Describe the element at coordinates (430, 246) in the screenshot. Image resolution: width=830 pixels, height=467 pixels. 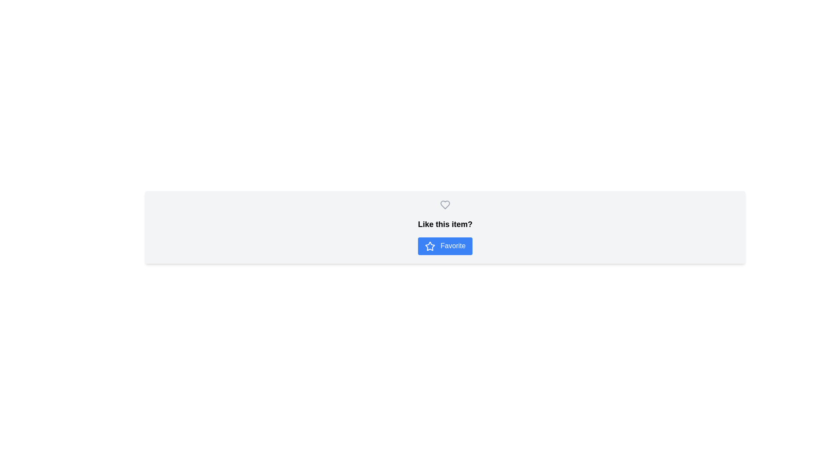
I see `the decorative icon located within the 'Favorite' button` at that location.